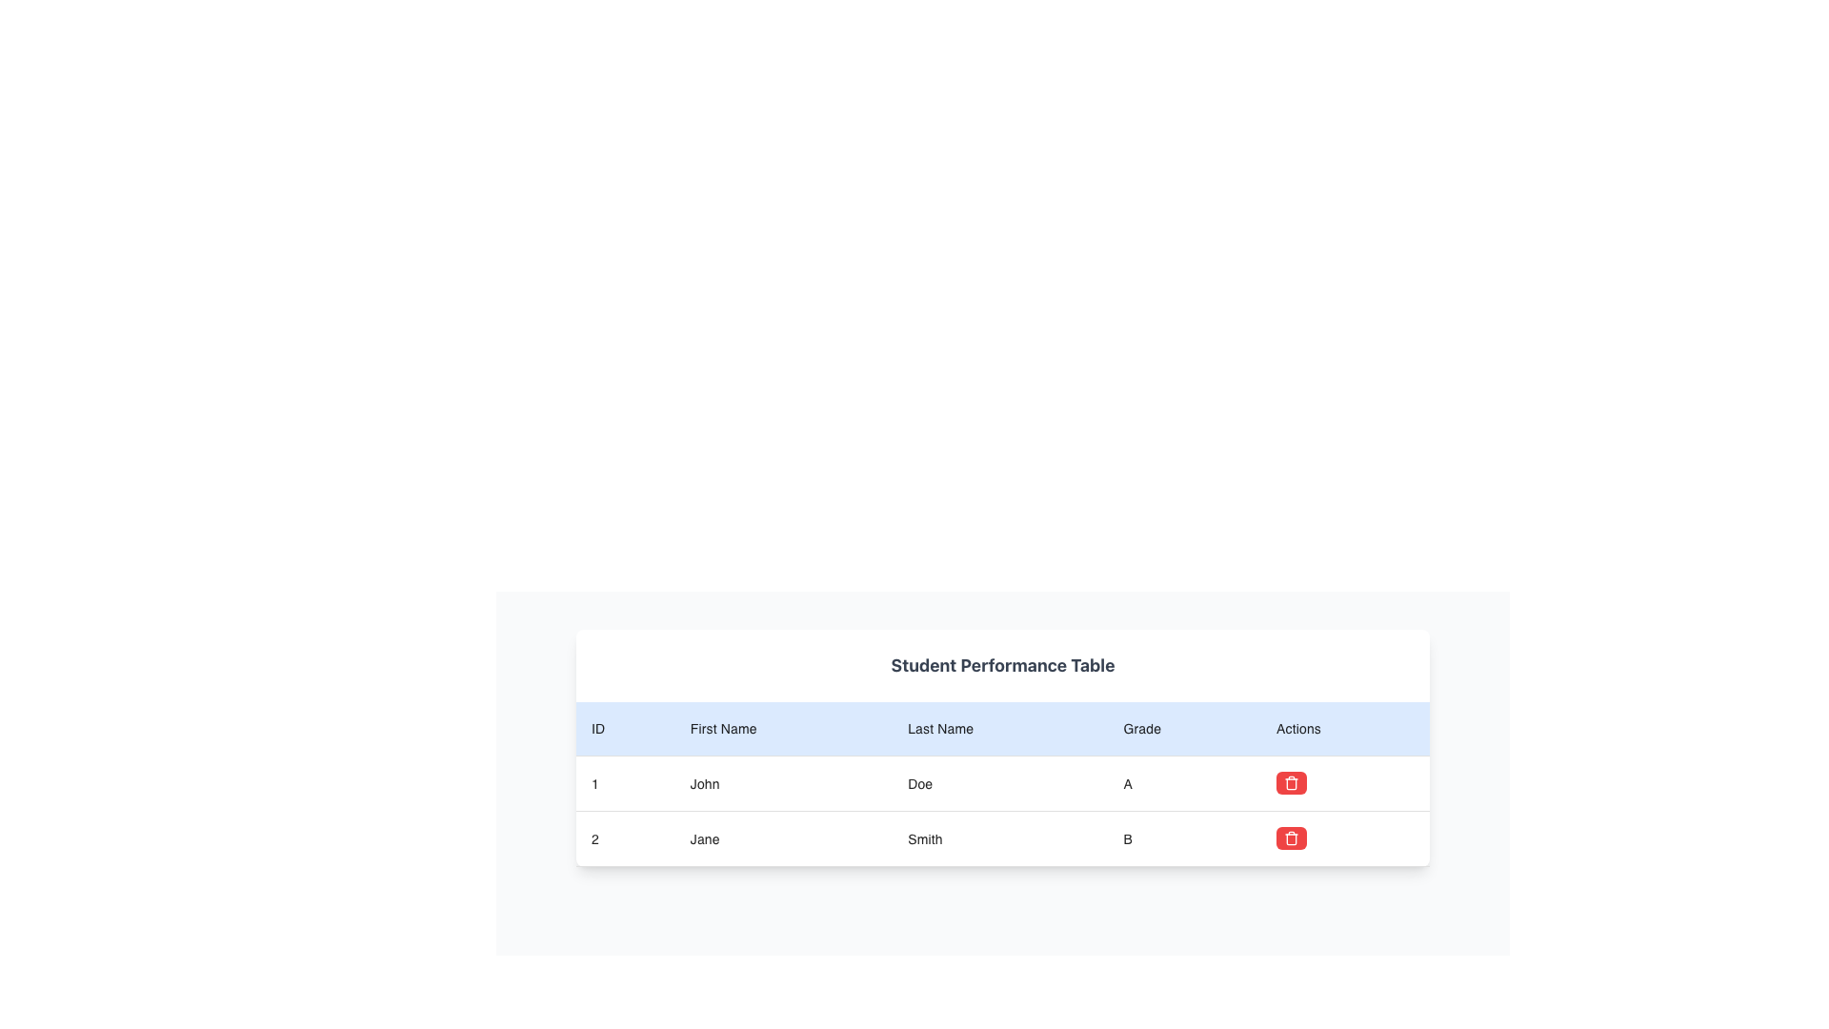  What do you see at coordinates (999, 782) in the screenshot?
I see `to select the table cell displaying the last name 'Doe' in the first row of the 'Student Performance Table'` at bounding box center [999, 782].